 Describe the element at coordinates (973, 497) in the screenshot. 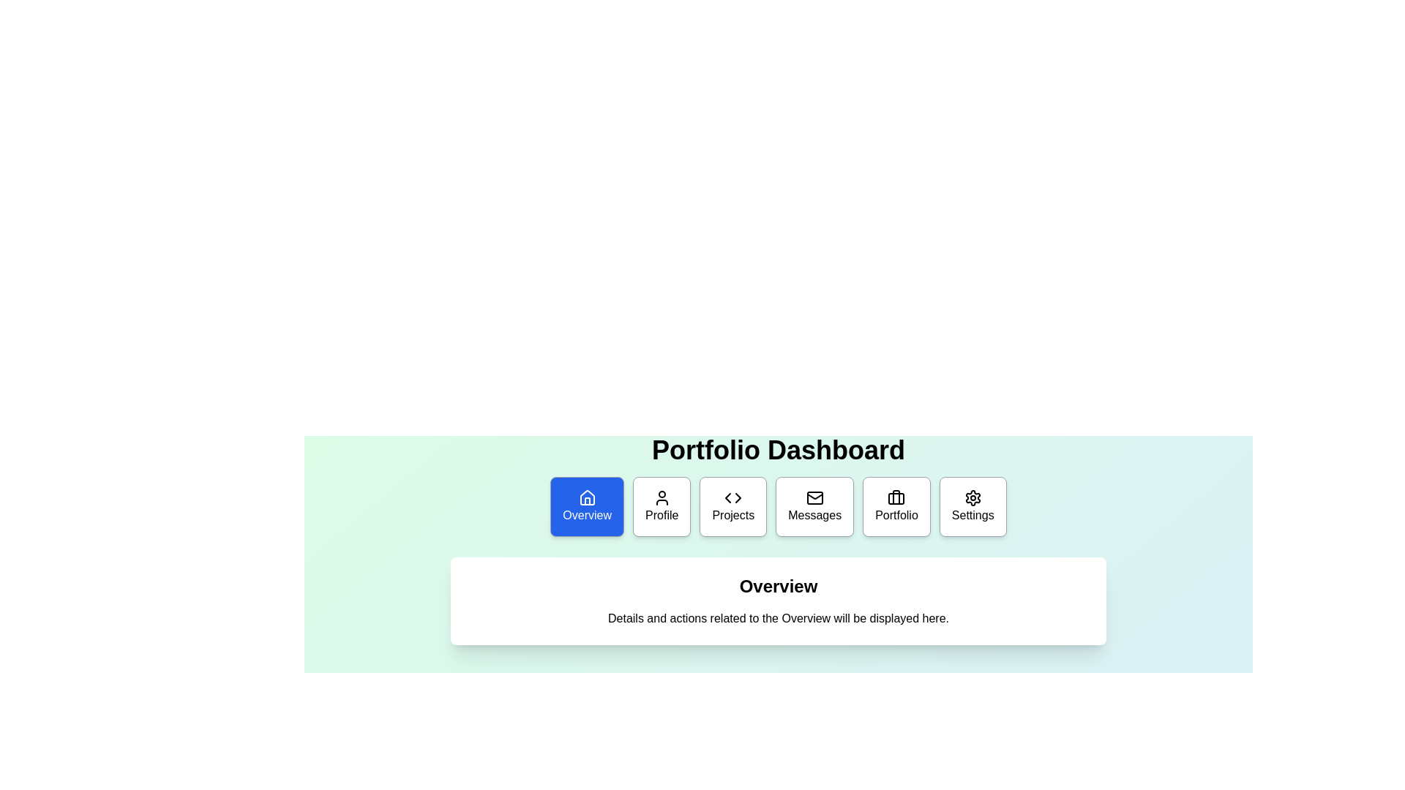

I see `the gear icon embedded within the 'Settings' button` at that location.